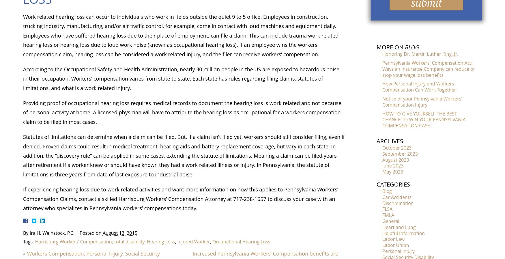 The image size is (505, 259). Describe the element at coordinates (429, 68) in the screenshot. I see `'Pennsylvania Workers' Compensation Act: Ways an Insurance Company can reduce or stop your wage loss benefits'` at that location.